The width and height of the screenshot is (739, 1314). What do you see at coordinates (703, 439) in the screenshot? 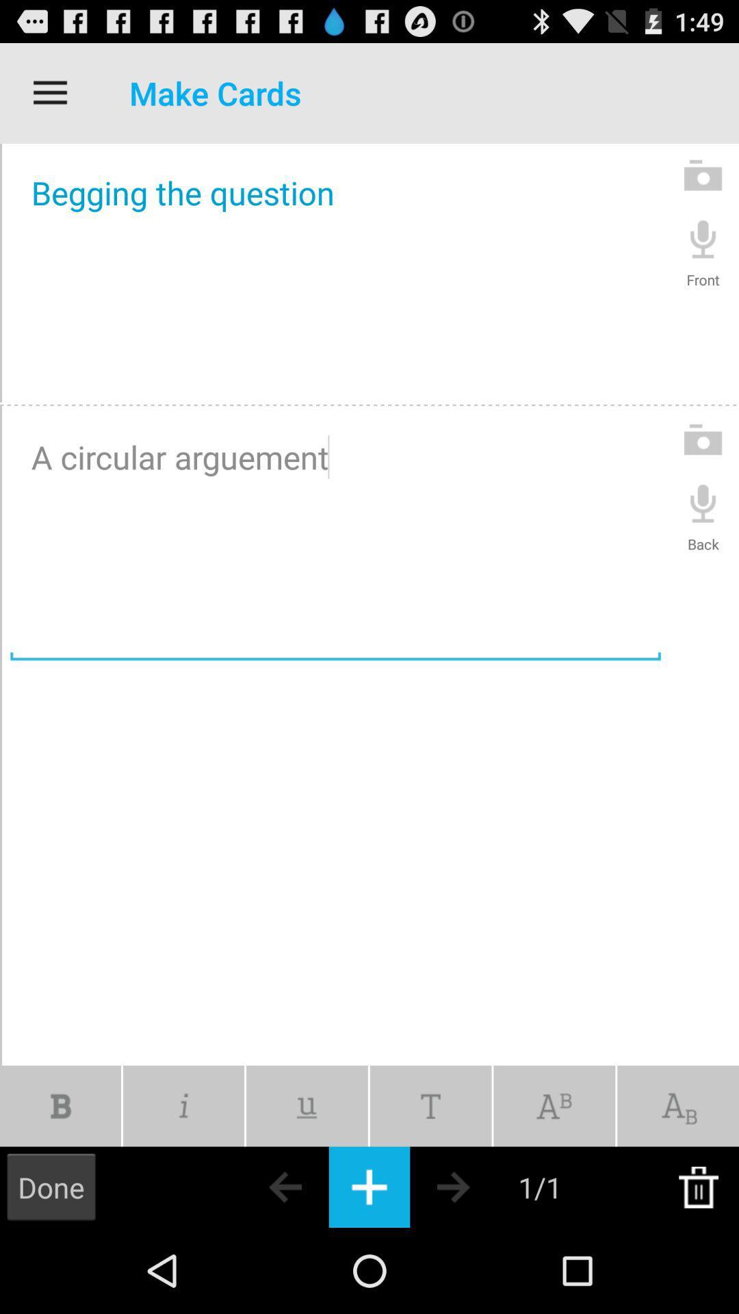
I see `click picture` at bounding box center [703, 439].